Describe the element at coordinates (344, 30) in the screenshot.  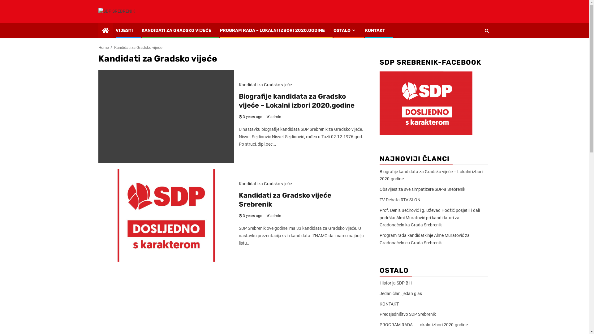
I see `'OSTALO'` at that location.